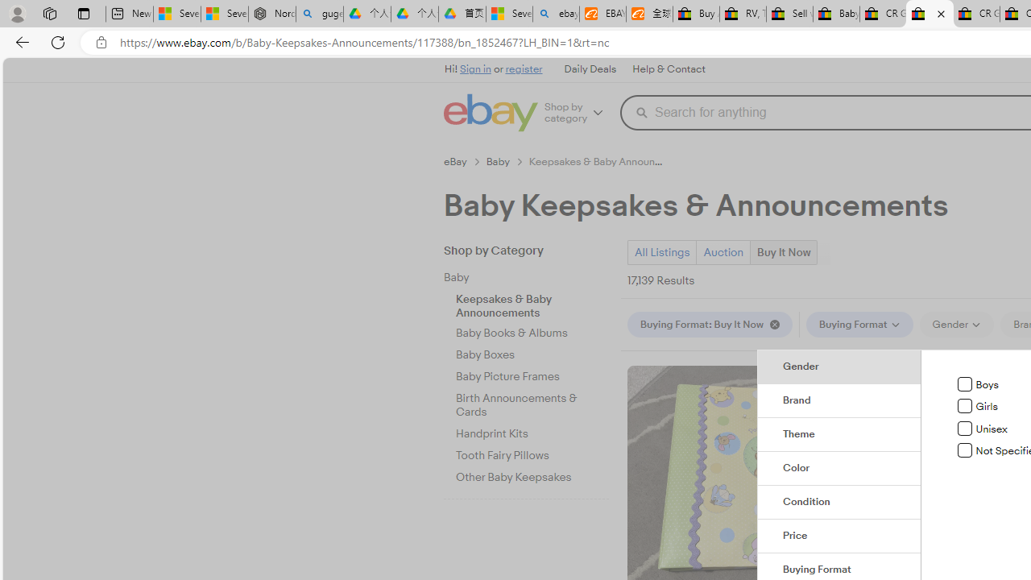  I want to click on 'Tab actions menu', so click(83, 13).